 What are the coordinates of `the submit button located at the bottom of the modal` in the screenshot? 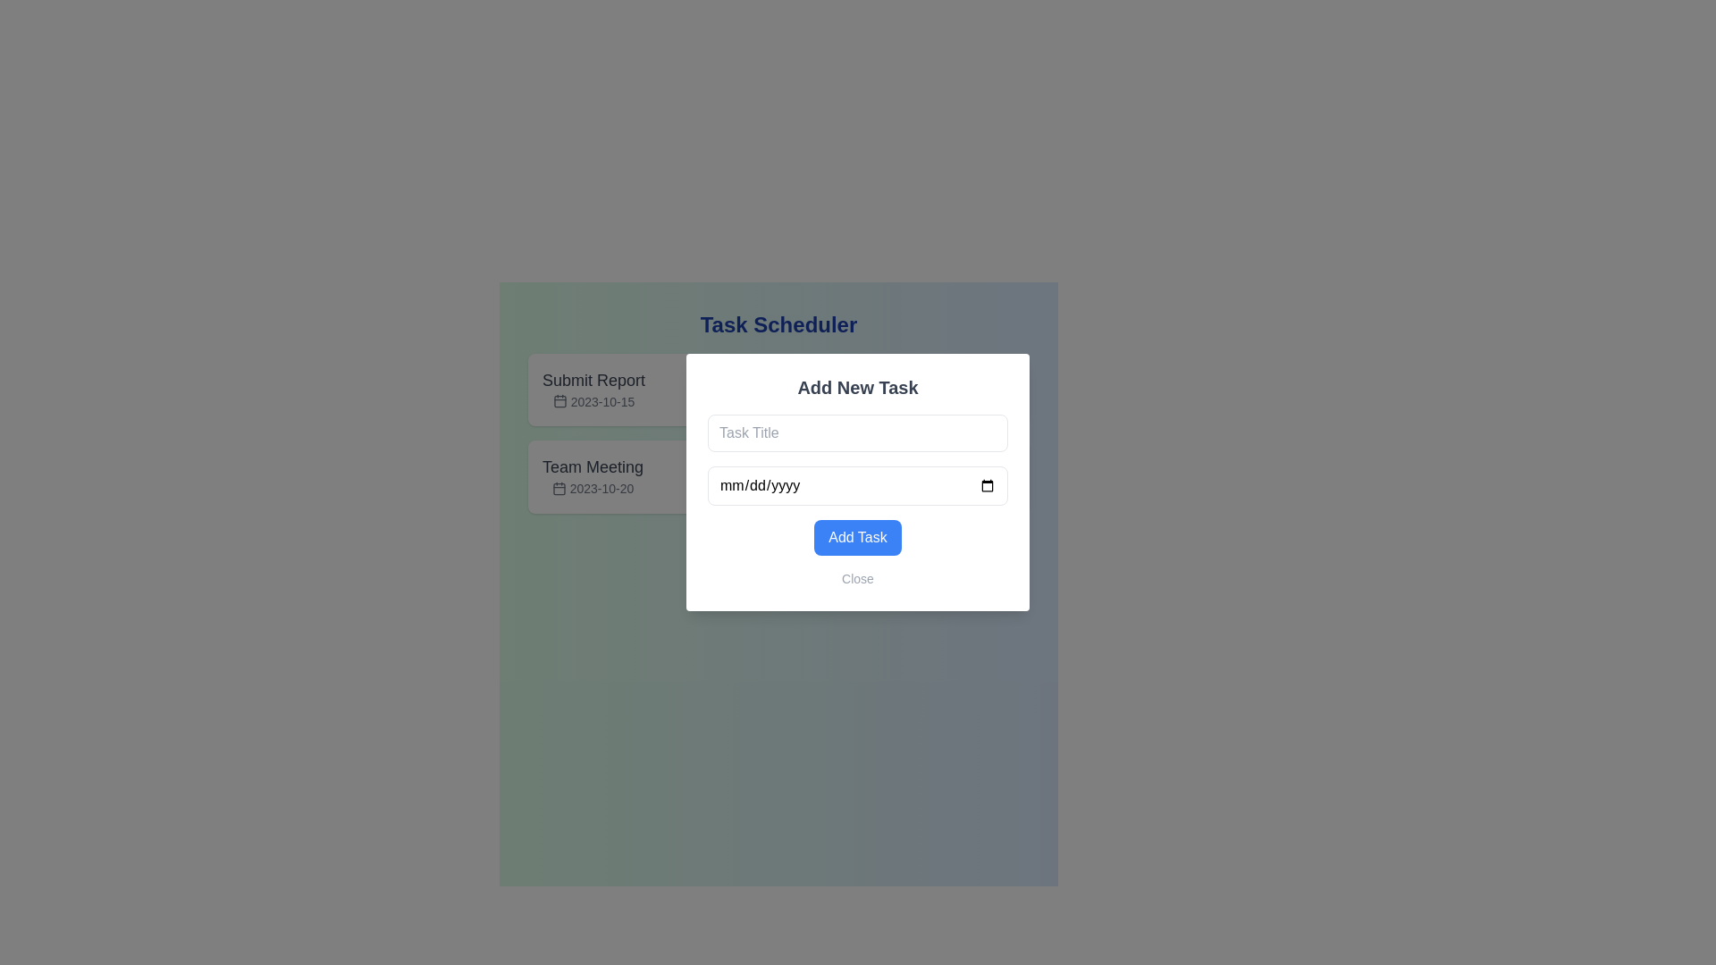 It's located at (858, 536).